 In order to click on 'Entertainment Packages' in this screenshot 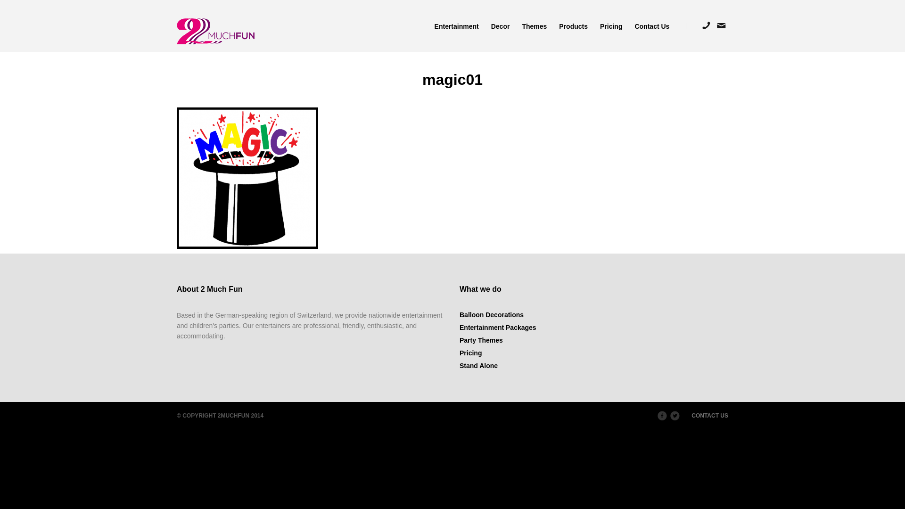, I will do `click(497, 327)`.